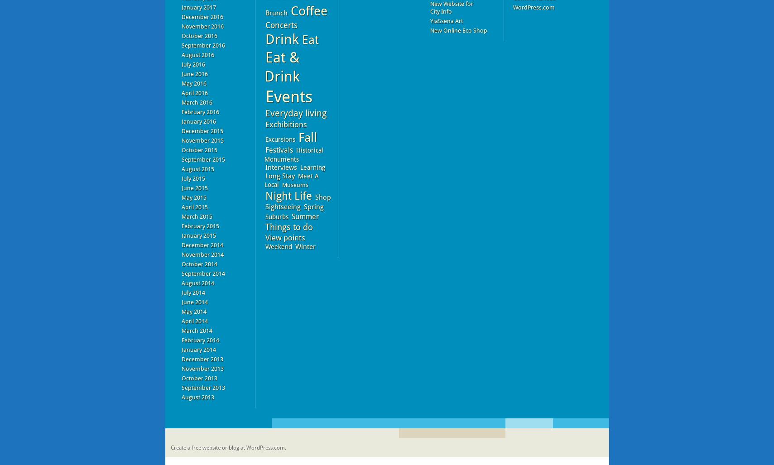 This screenshot has width=774, height=465. I want to click on 'December 2016', so click(202, 17).